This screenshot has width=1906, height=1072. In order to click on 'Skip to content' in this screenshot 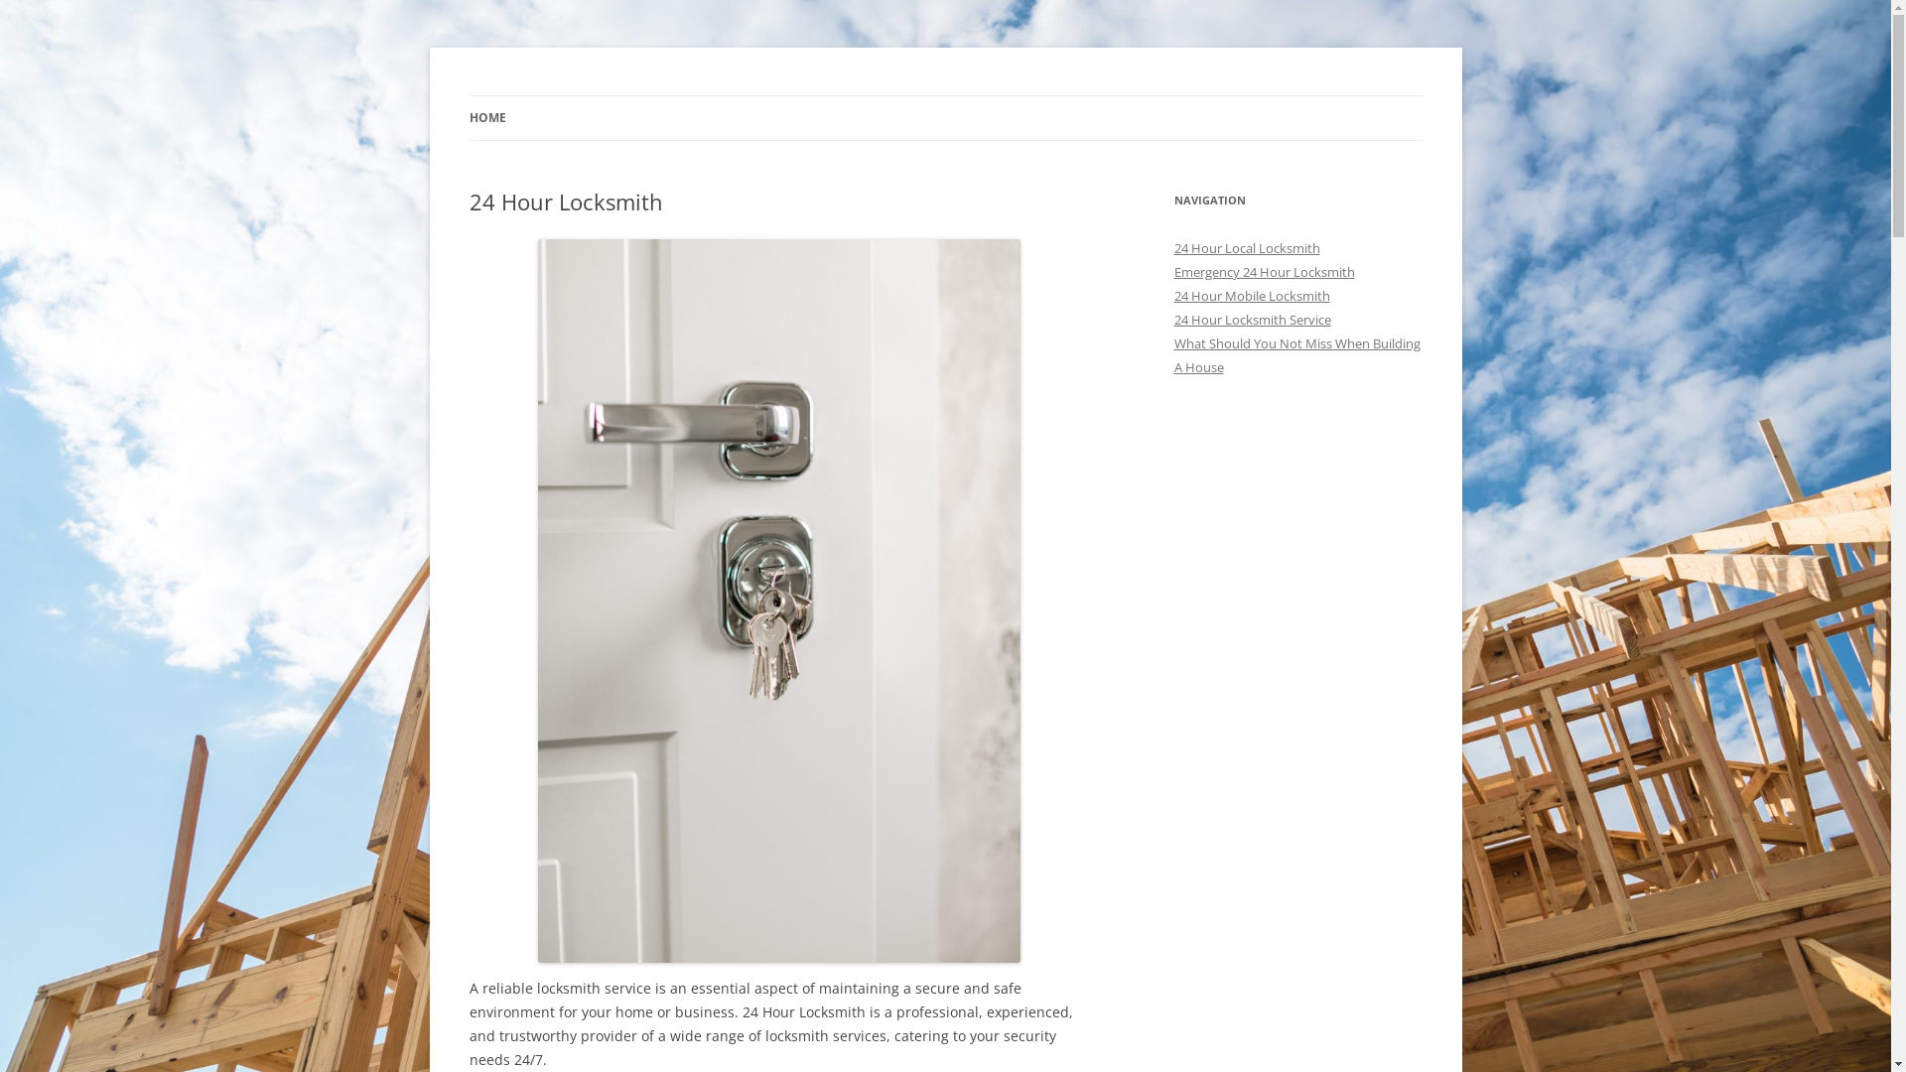, I will do `click(944, 95)`.